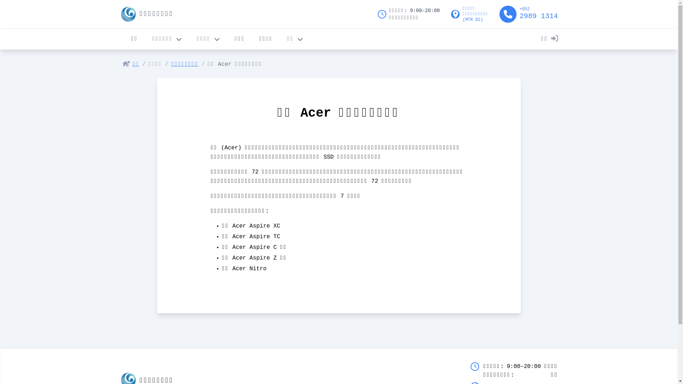 This screenshot has height=384, width=683. What do you see at coordinates (529, 14) in the screenshot?
I see `'+852` at bounding box center [529, 14].